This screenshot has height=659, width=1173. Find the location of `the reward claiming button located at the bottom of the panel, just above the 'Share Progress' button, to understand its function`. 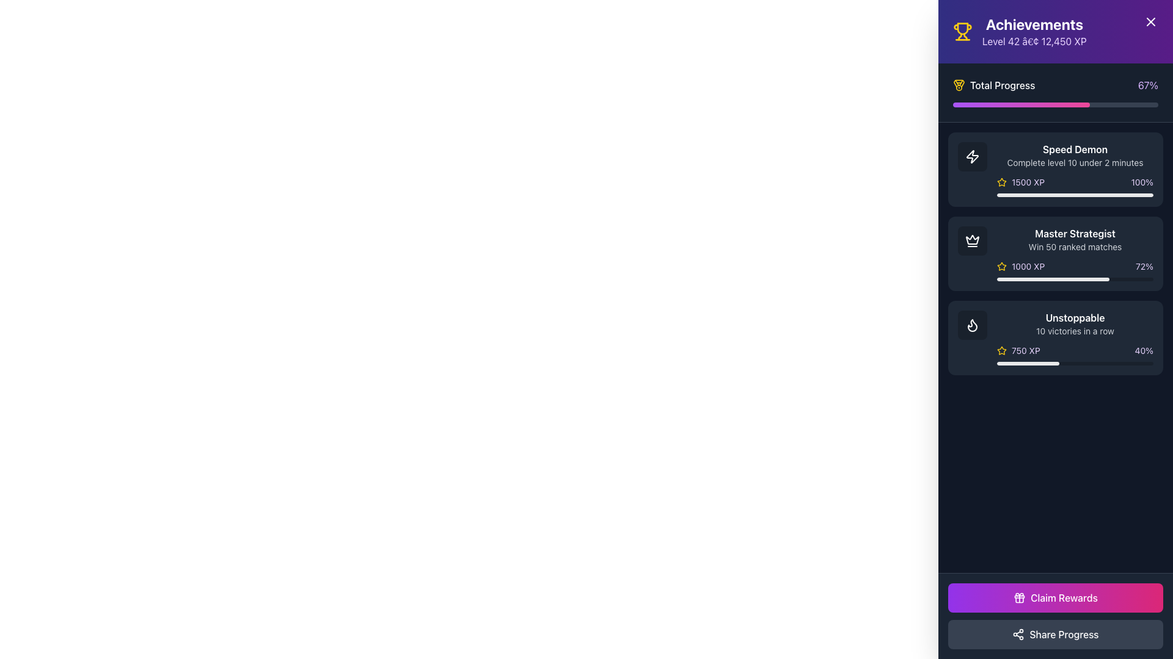

the reward claiming button located at the bottom of the panel, just above the 'Share Progress' button, to understand its function is located at coordinates (1055, 597).